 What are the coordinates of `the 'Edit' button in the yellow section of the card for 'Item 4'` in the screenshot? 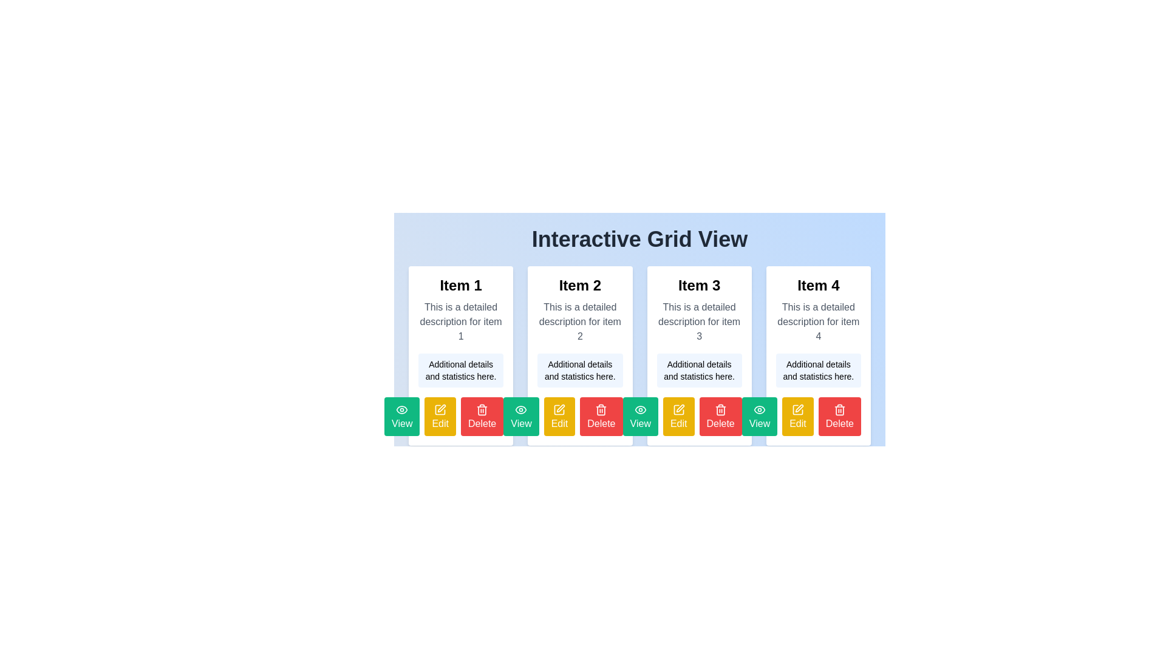 It's located at (798, 415).